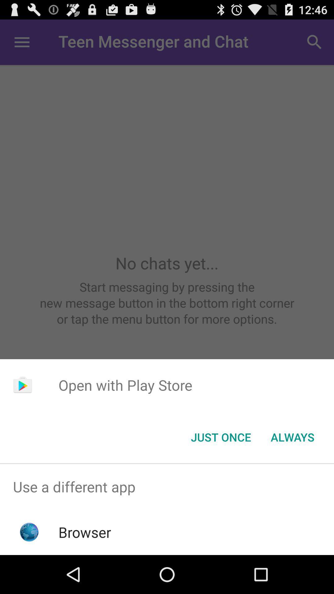 The image size is (334, 594). Describe the element at coordinates (221, 437) in the screenshot. I see `button next to always` at that location.